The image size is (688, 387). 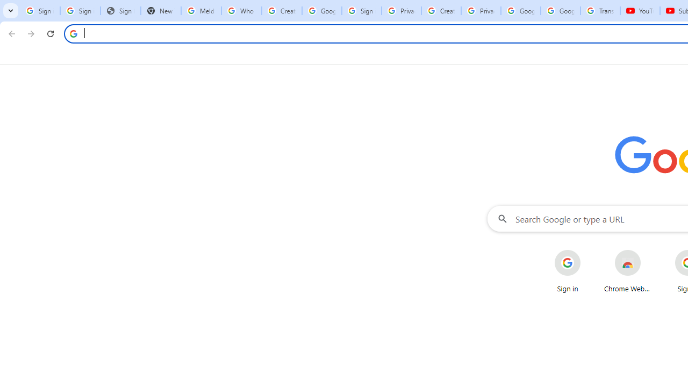 I want to click on 'Chrome Web Store', so click(x=628, y=271).